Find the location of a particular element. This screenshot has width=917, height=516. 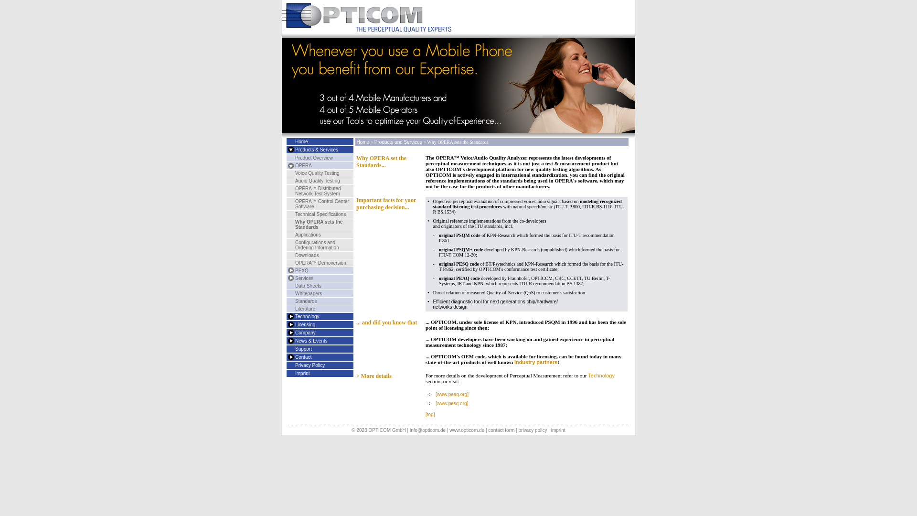

'www.opticom.de' is located at coordinates (467, 430).